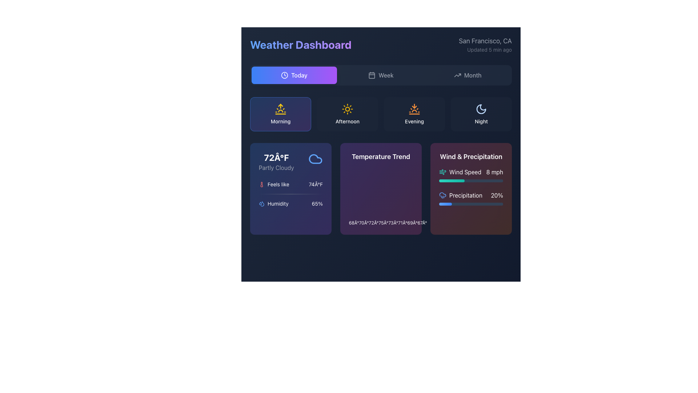 This screenshot has width=698, height=393. What do you see at coordinates (393, 223) in the screenshot?
I see `the static text label displaying '73Â°' in a small font, which is styled with a clean sans-serif typeface and appears white against a dark purple background within the 'Temperature Trend' section` at bounding box center [393, 223].